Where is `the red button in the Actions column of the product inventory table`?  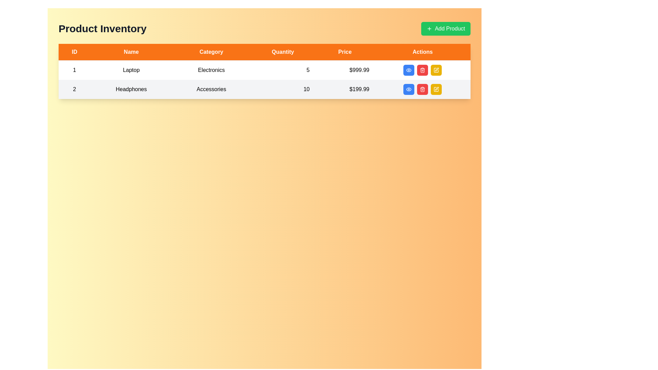 the red button in the Actions column of the product inventory table is located at coordinates (422, 70).